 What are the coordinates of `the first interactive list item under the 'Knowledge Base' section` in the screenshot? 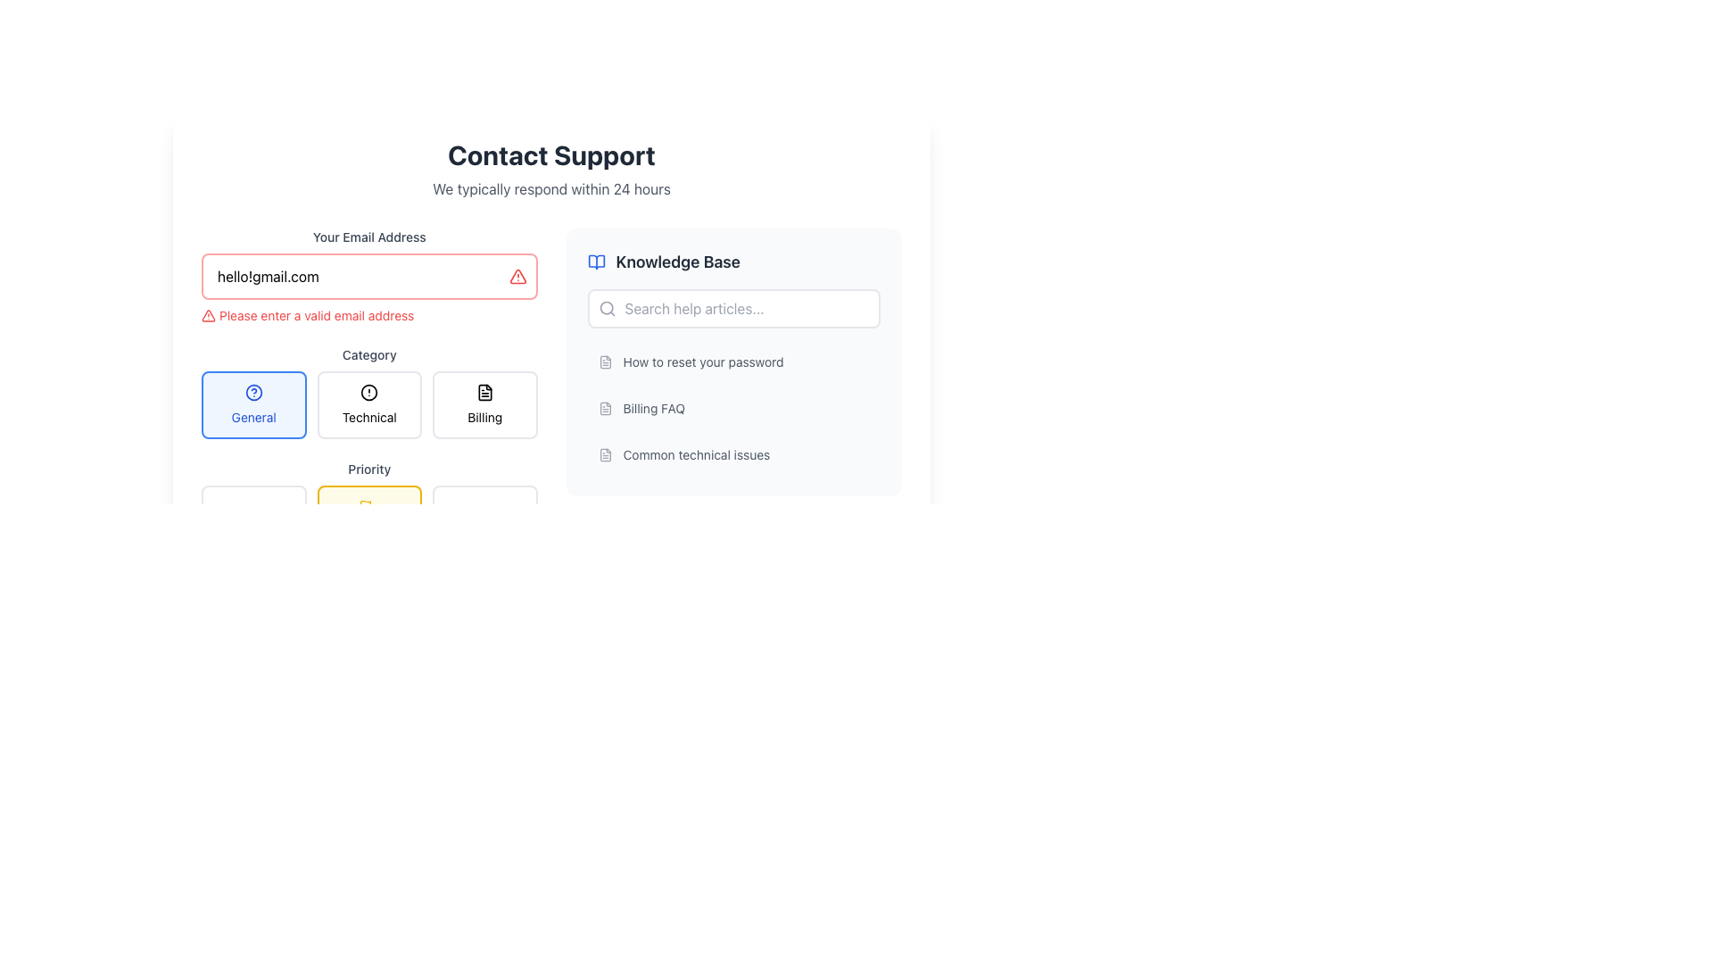 It's located at (733, 361).